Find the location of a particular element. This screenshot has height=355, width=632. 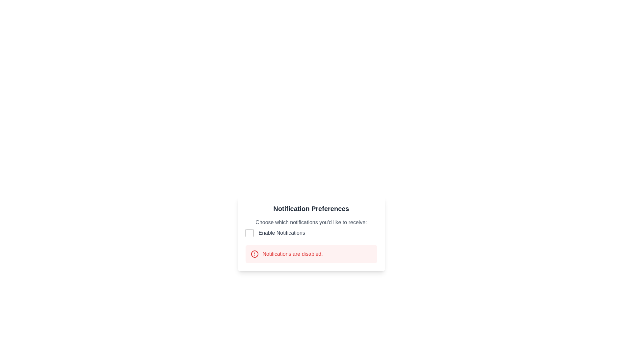

the checkbox labeled 'Enable Notifications' is located at coordinates (311, 227).